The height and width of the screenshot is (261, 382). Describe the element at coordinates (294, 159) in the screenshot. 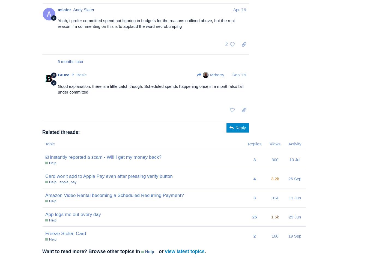

I see `'10 Jul'` at that location.